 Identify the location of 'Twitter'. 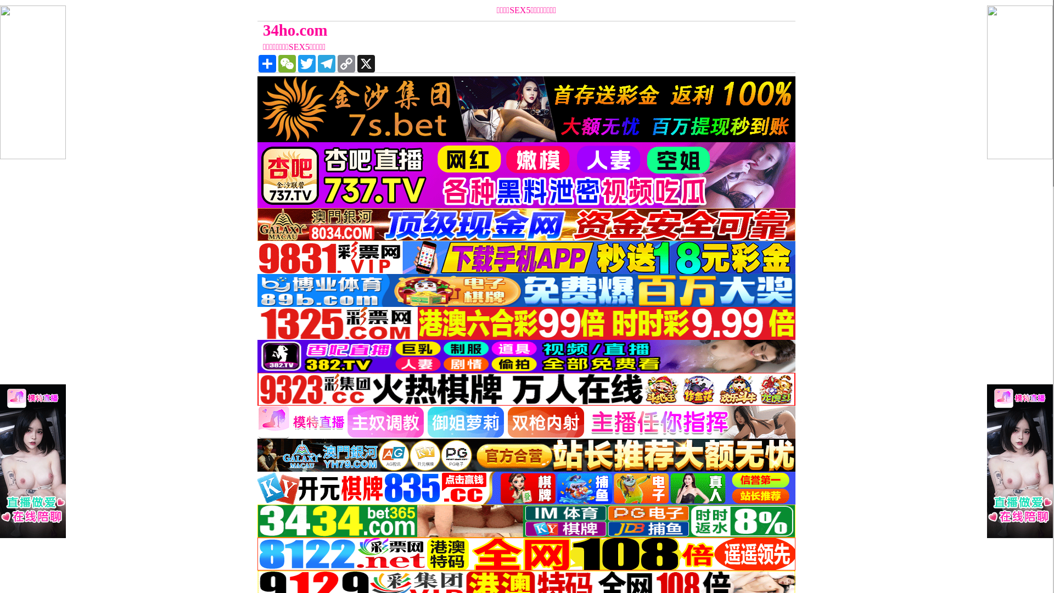
(306, 63).